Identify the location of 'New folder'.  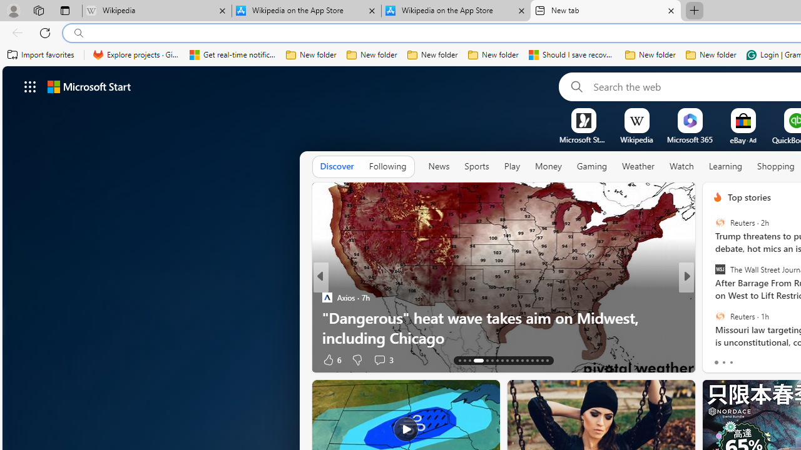
(711, 54).